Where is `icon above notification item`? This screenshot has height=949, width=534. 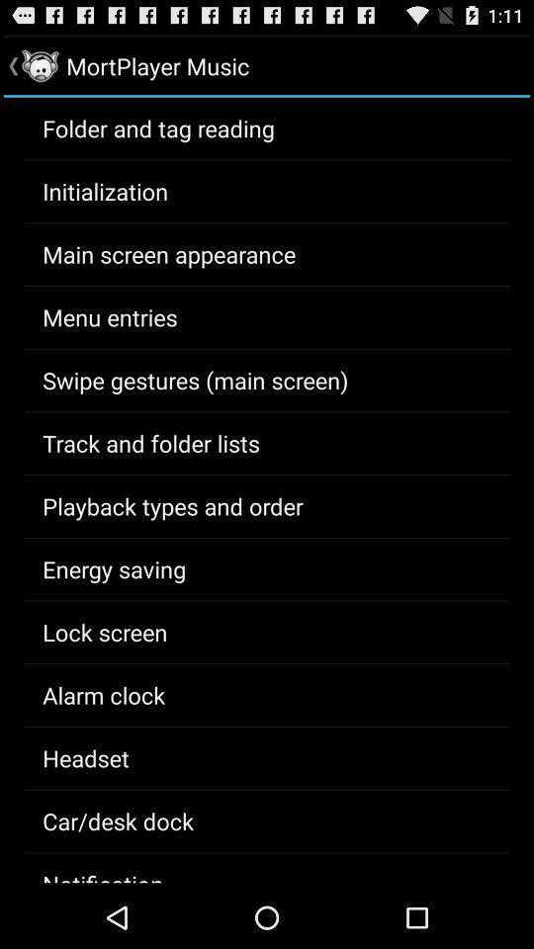 icon above notification item is located at coordinates (118, 820).